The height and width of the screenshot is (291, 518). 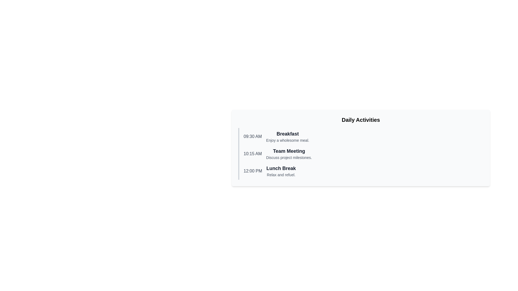 What do you see at coordinates (289, 154) in the screenshot?
I see `the Text Block that provides information about an event, located beneath the '10:15 AM' timestamp and above the subsequent content in the schedule` at bounding box center [289, 154].